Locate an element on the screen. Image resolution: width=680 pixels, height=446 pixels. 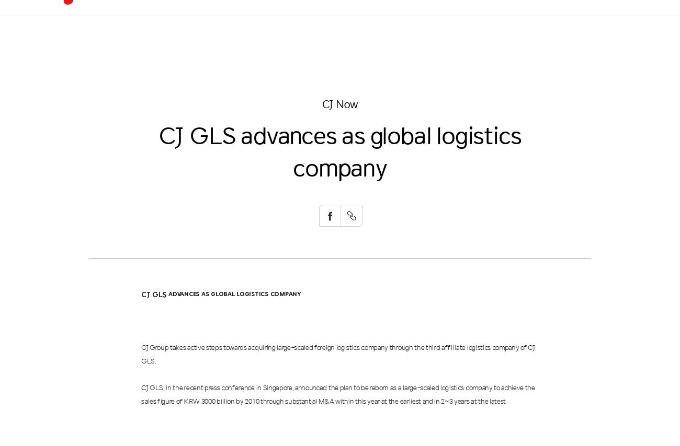
'Convenient' is located at coordinates (293, 122).